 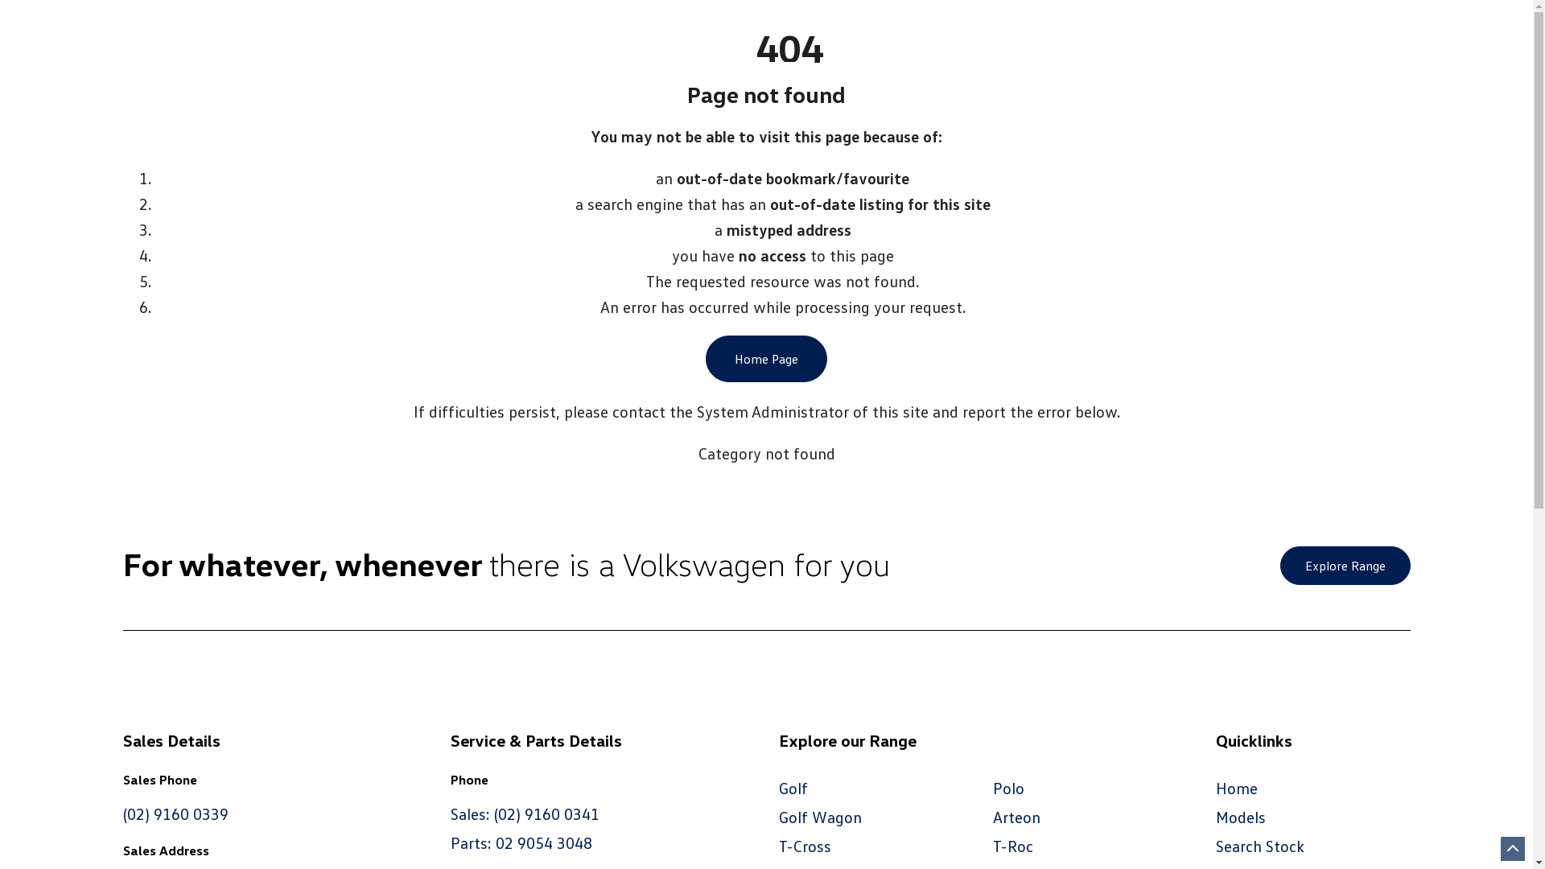 I want to click on 'Sales: (02) 9160 0341', so click(x=525, y=813).